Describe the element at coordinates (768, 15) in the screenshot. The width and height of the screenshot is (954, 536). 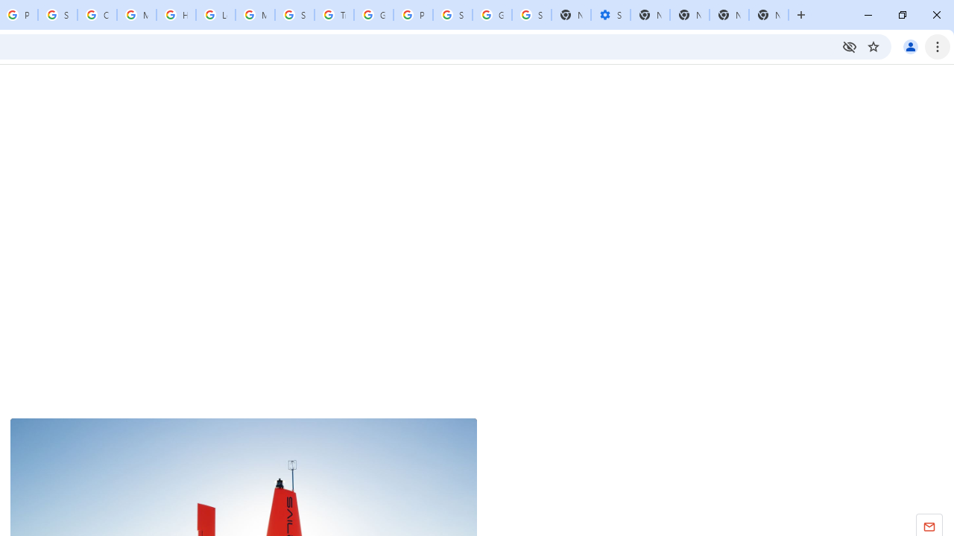
I see `'New Tab'` at that location.